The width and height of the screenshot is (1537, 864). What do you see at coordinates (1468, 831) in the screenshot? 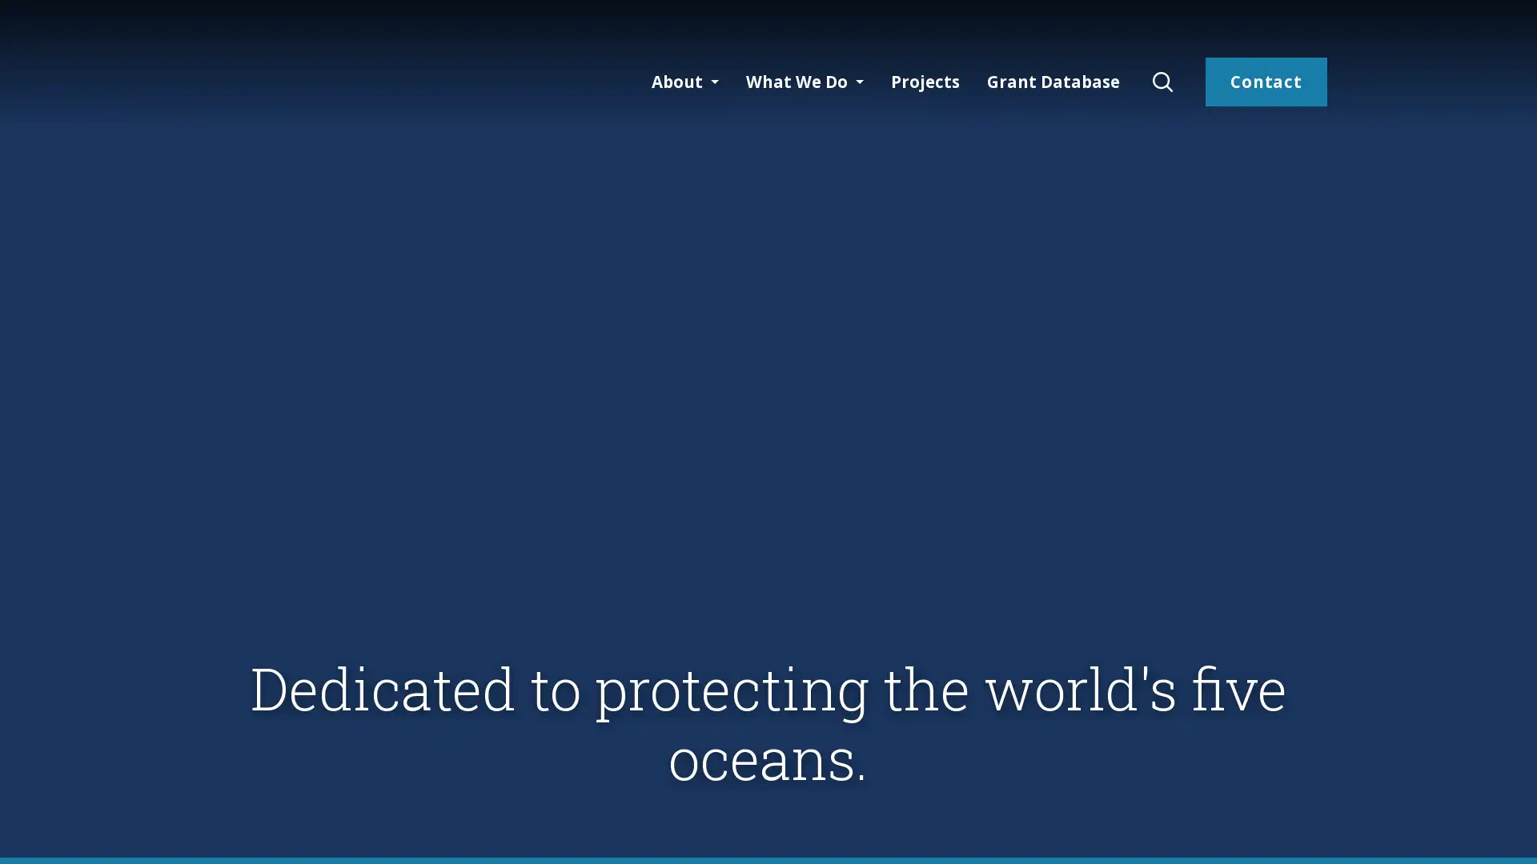
I see `Accept All` at bounding box center [1468, 831].